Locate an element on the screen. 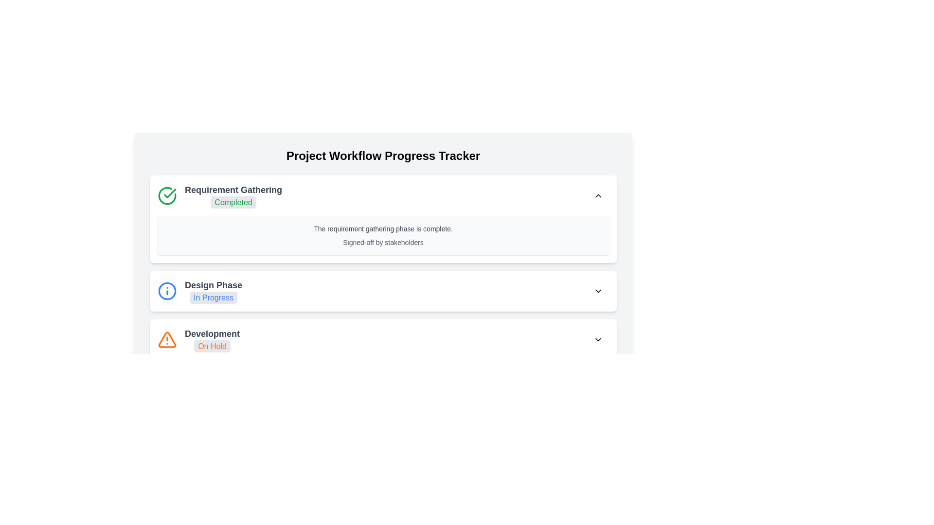  the 'Completed' label, which has a green font color and a tag-like appearance, located directly beneath the 'Requirement Gathering' title is located at coordinates (233, 202).